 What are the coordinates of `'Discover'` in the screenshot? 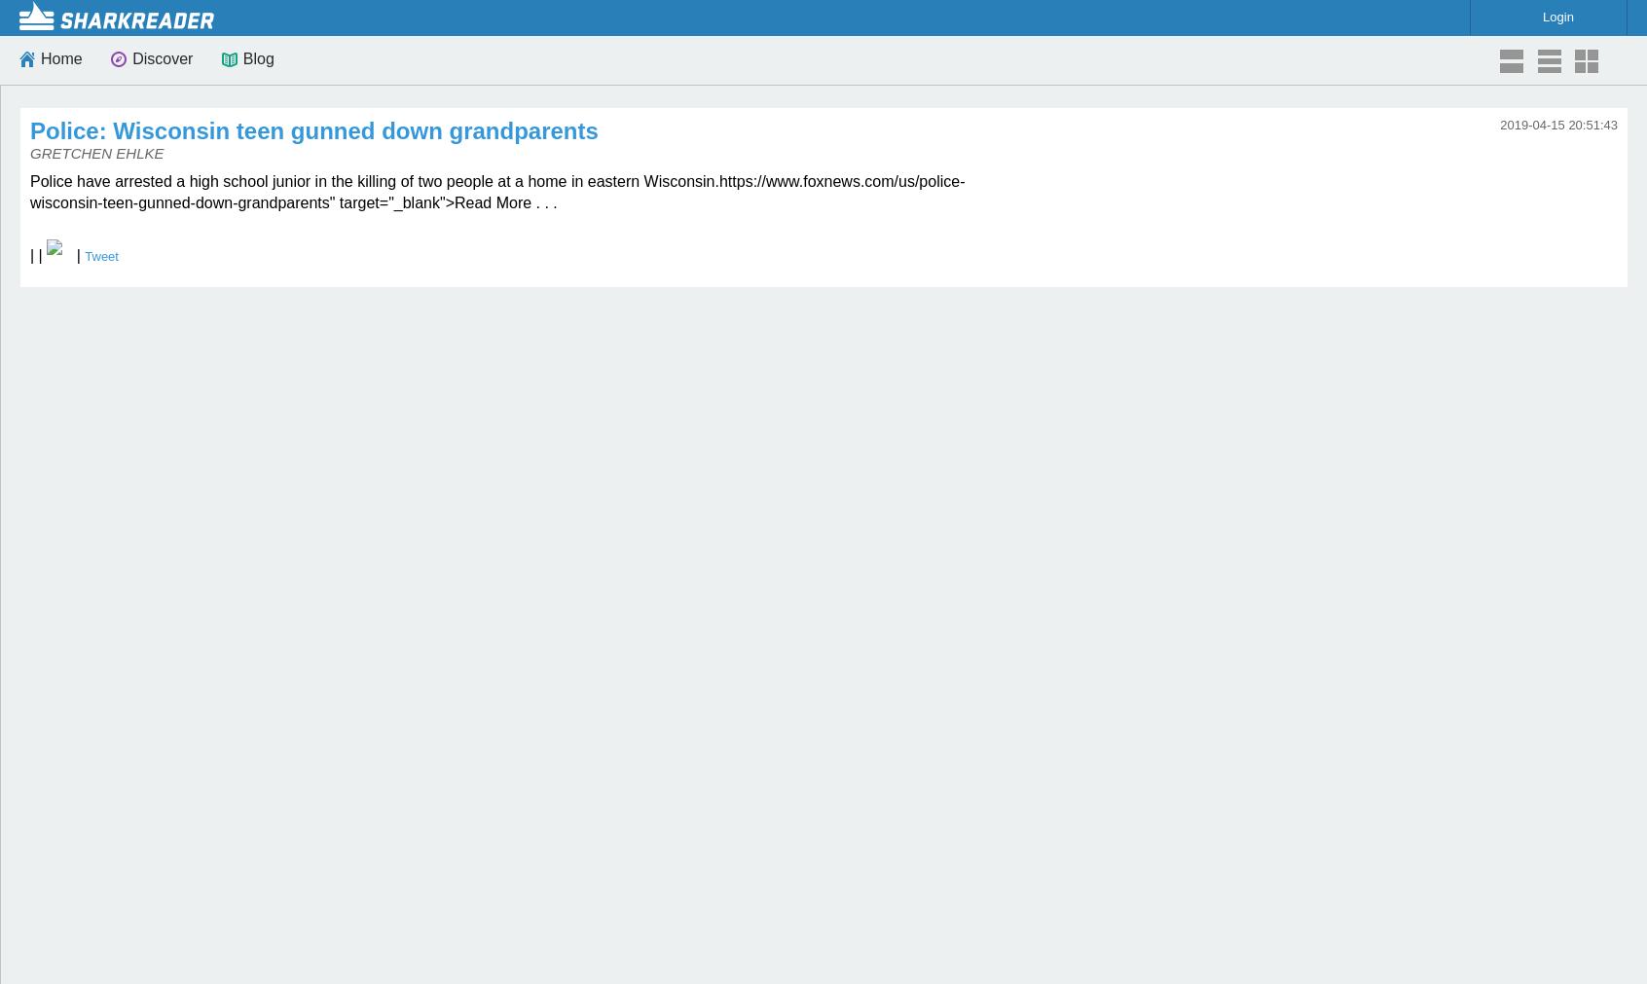 It's located at (132, 57).